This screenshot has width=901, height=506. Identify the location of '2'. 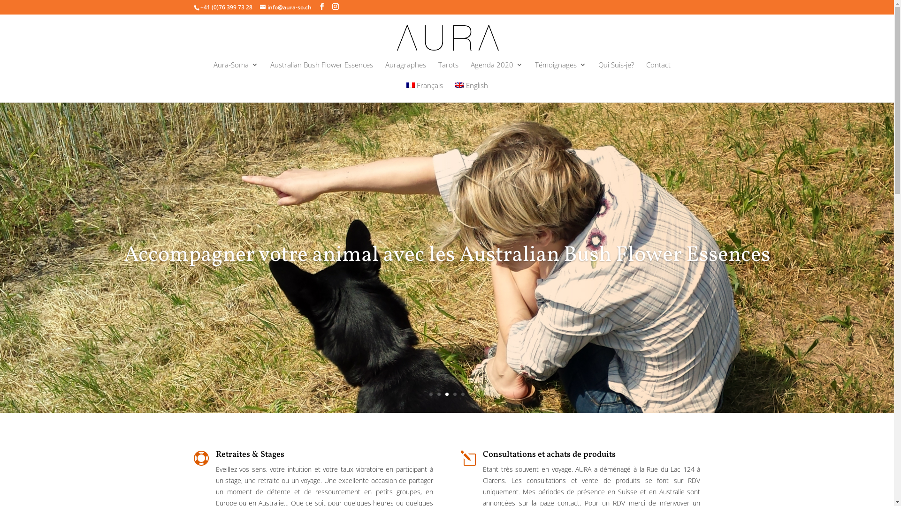
(438, 394).